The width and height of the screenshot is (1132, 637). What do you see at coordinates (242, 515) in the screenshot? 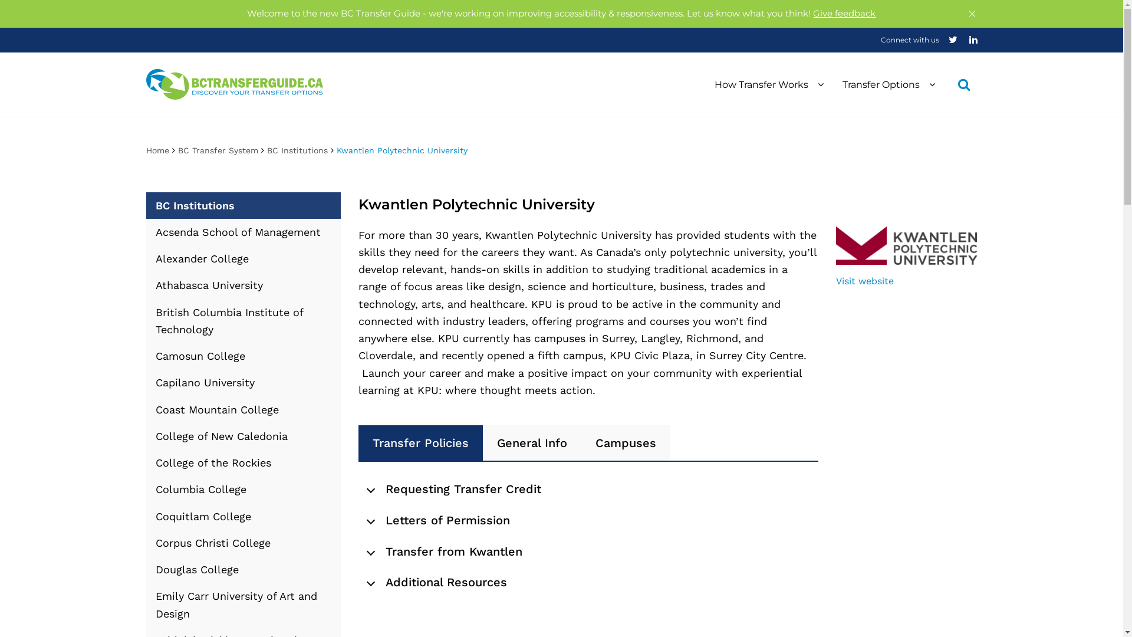
I see `'Coquitlam College'` at bounding box center [242, 515].